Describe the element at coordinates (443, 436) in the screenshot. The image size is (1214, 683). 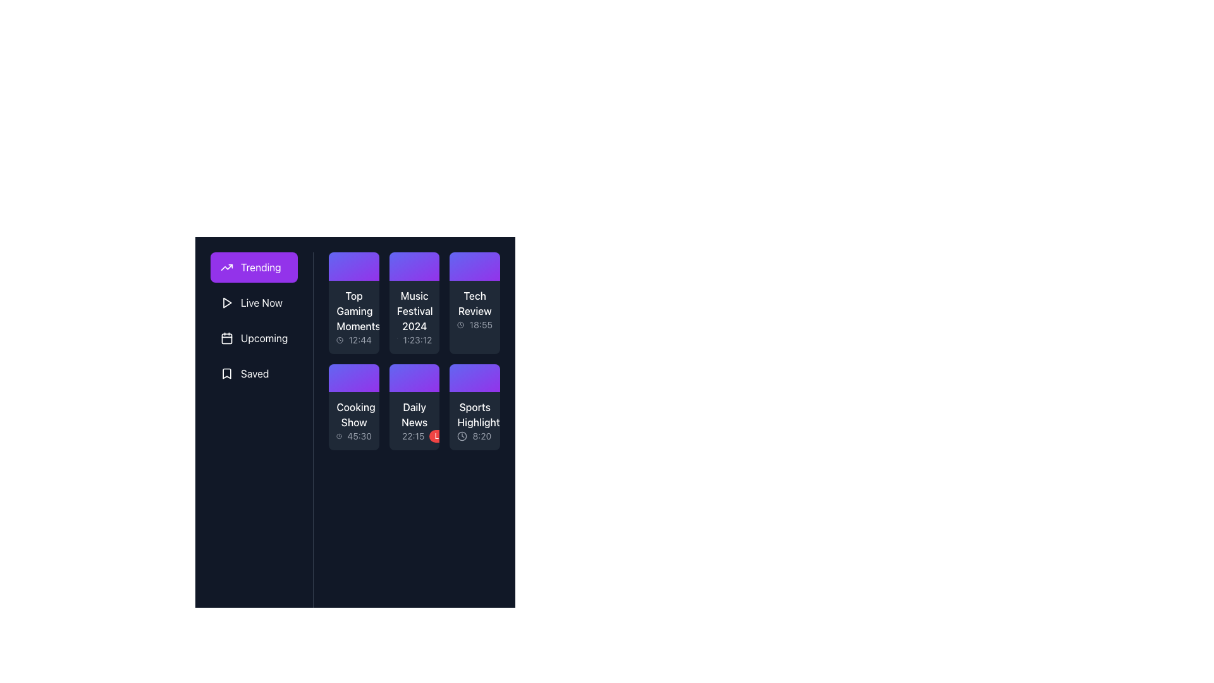
I see `the 'LIVE' badge, which is a small, horizontally-oriented badge with white capital letters on a red background` at that location.